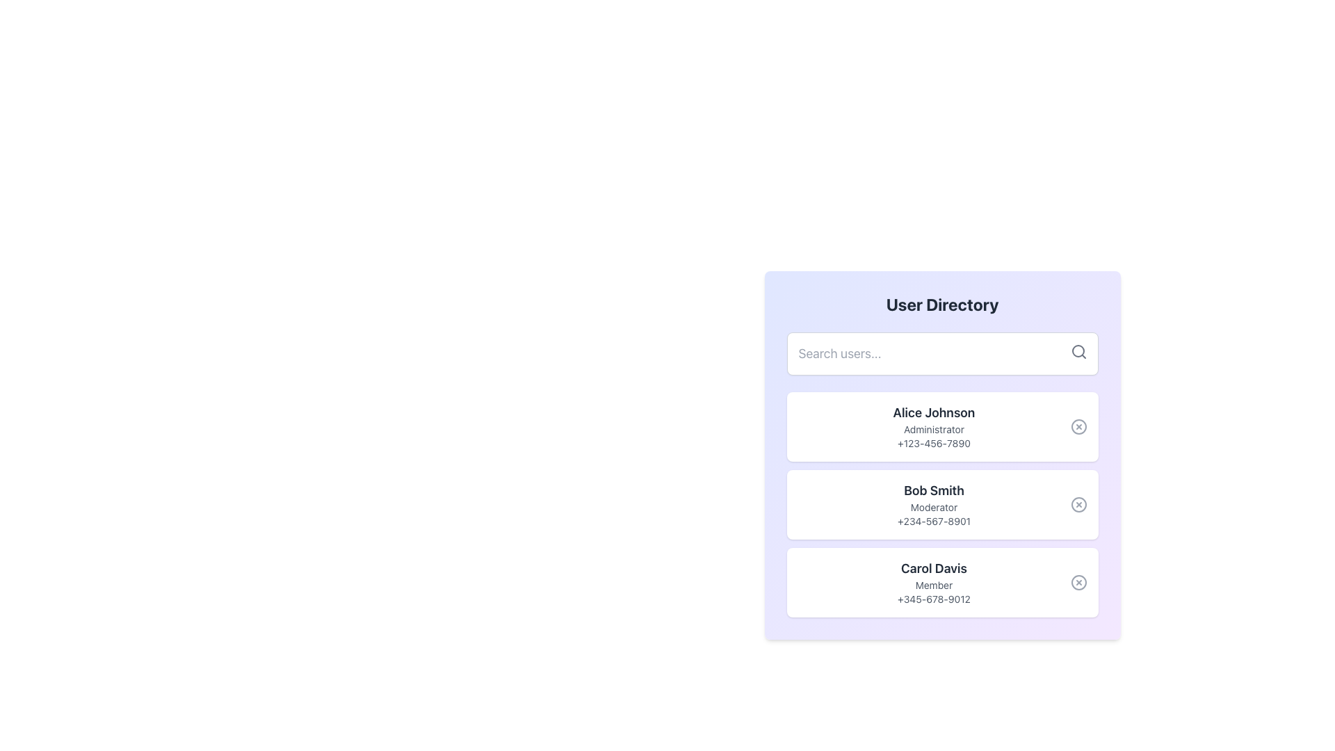 This screenshot has width=1335, height=751. What do you see at coordinates (1077, 350) in the screenshot?
I see `the small circular graphic representing the lens of the magnifying glass icon located in the top-right corner of the user interface, inside the search bar section` at bounding box center [1077, 350].